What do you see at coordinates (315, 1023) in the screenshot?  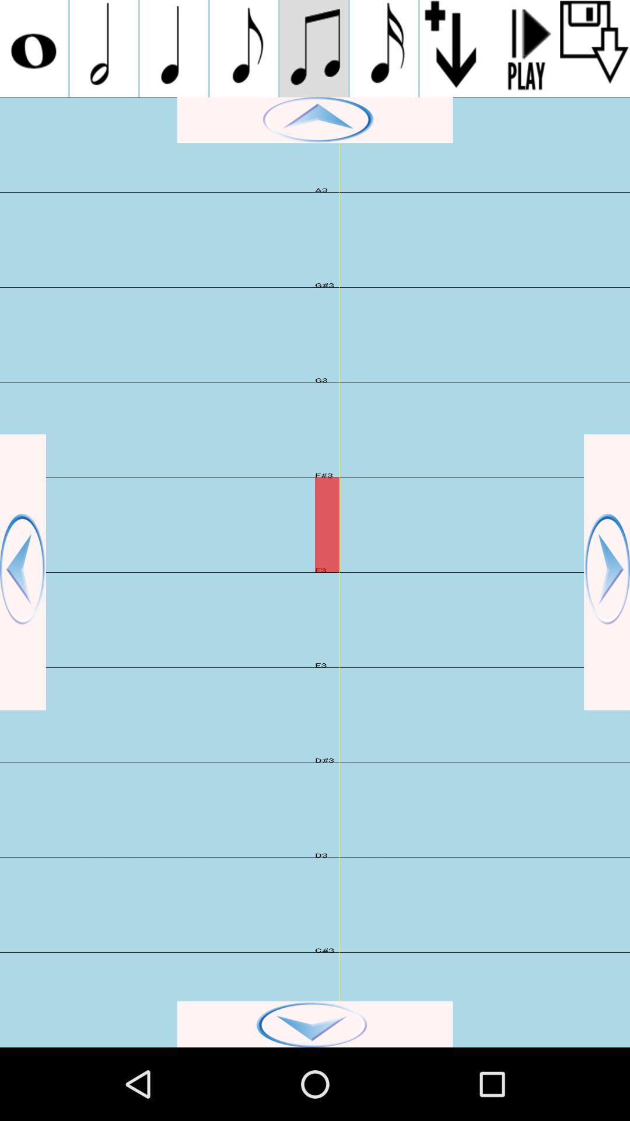 I see `scroll down` at bounding box center [315, 1023].